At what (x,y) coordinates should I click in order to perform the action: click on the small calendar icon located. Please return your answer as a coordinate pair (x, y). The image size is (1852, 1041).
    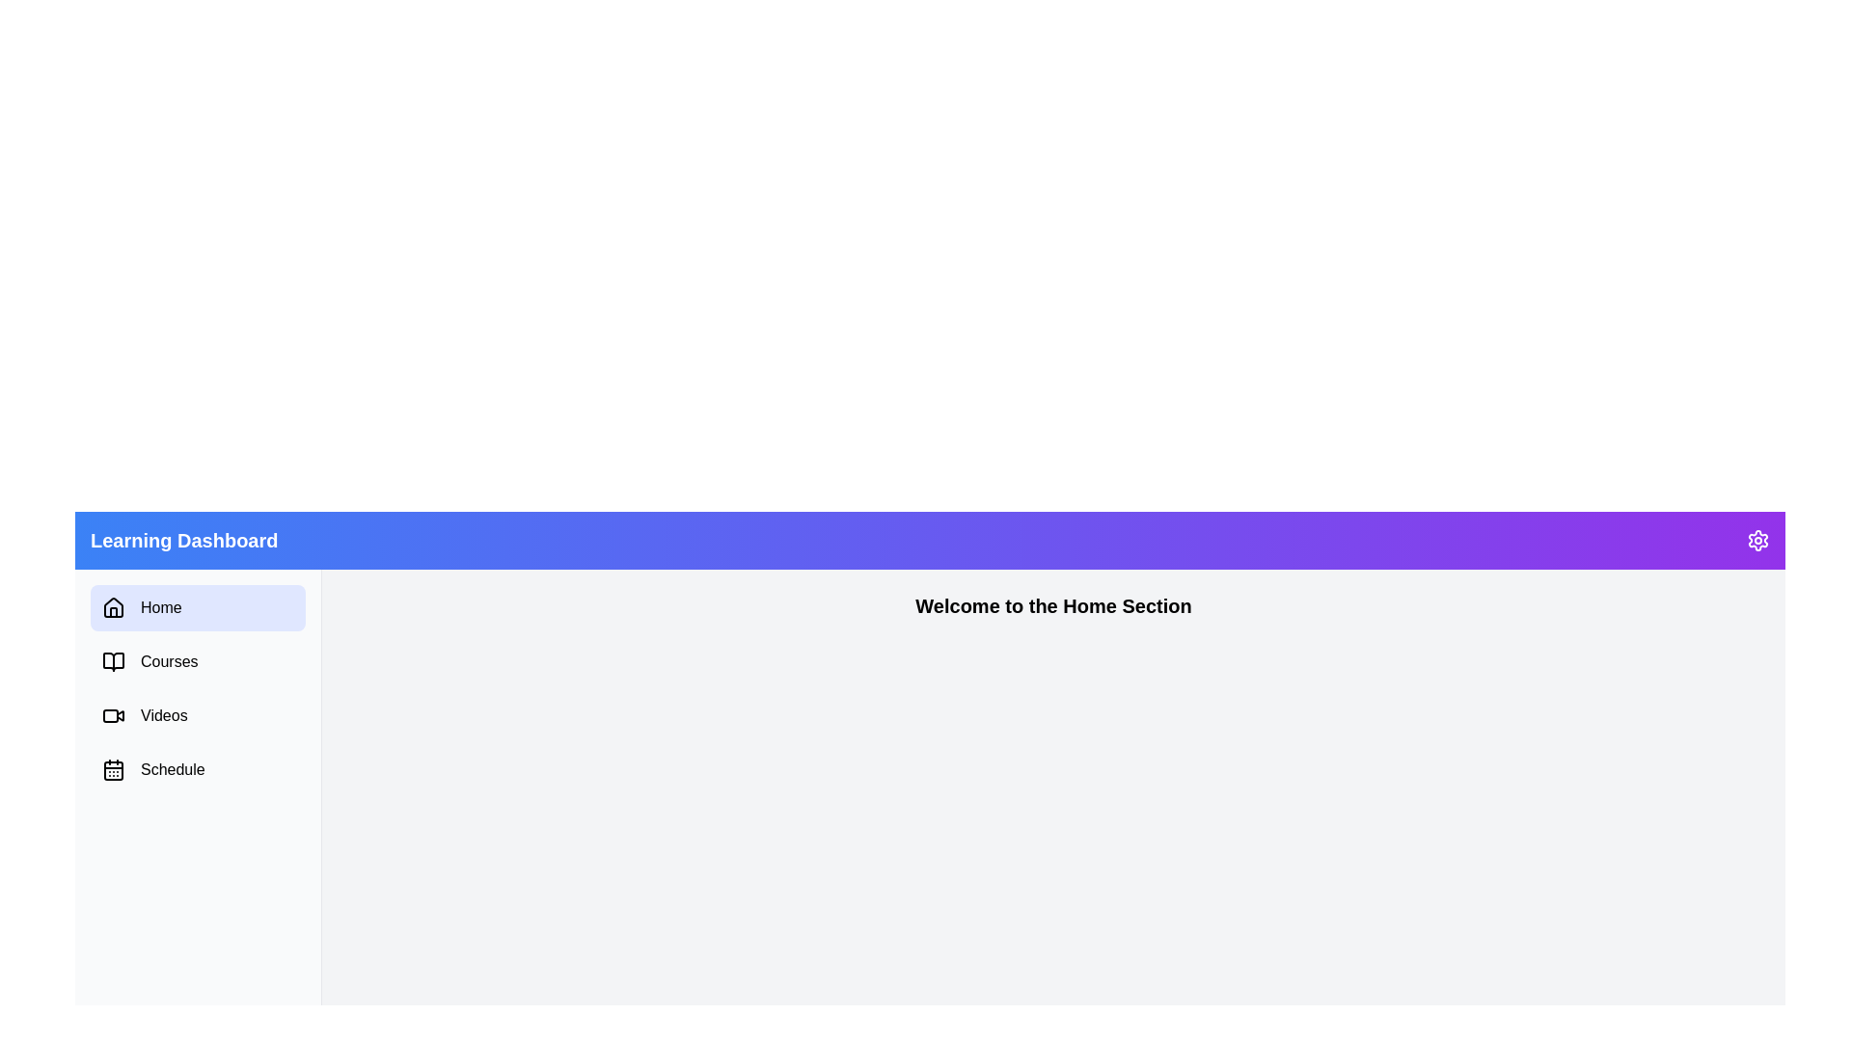
    Looking at the image, I should click on (113, 768).